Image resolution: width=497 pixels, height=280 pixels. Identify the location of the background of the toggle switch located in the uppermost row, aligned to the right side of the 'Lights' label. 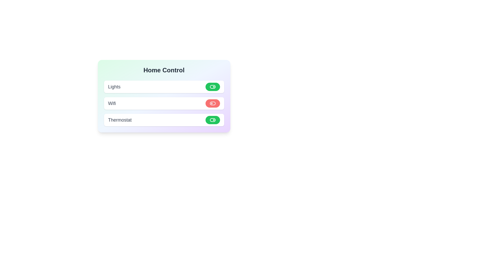
(213, 87).